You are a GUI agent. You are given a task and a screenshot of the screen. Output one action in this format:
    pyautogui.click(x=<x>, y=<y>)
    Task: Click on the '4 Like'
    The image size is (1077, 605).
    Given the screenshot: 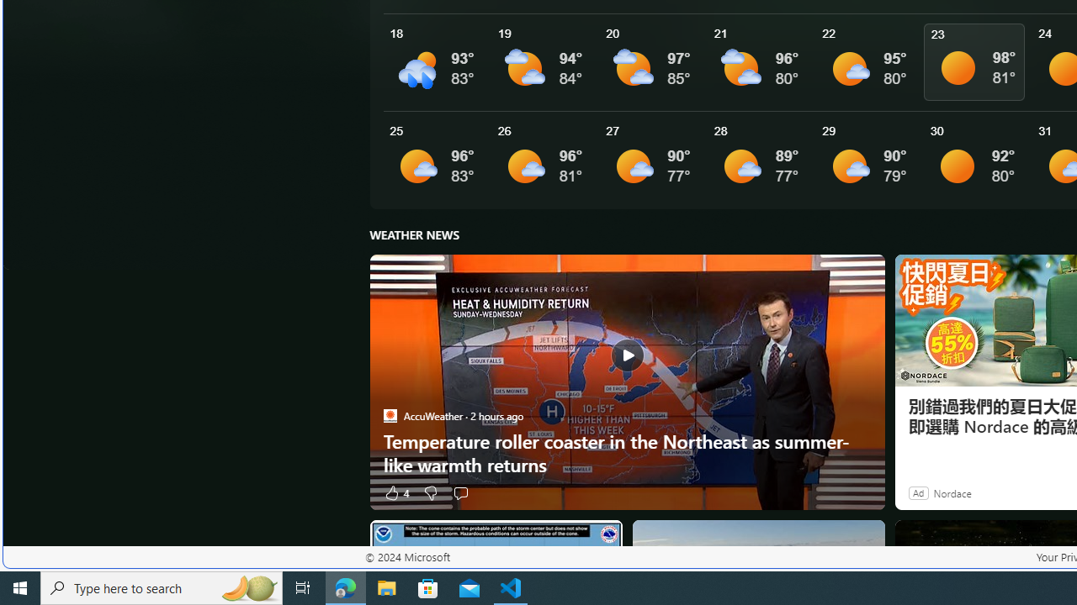 What is the action you would take?
    pyautogui.click(x=395, y=492)
    